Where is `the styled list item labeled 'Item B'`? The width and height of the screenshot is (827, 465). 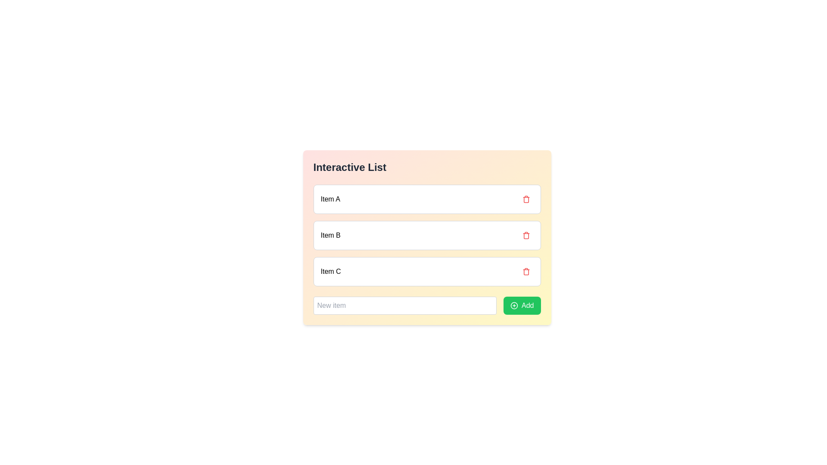
the styled list item labeled 'Item B' is located at coordinates (427, 237).